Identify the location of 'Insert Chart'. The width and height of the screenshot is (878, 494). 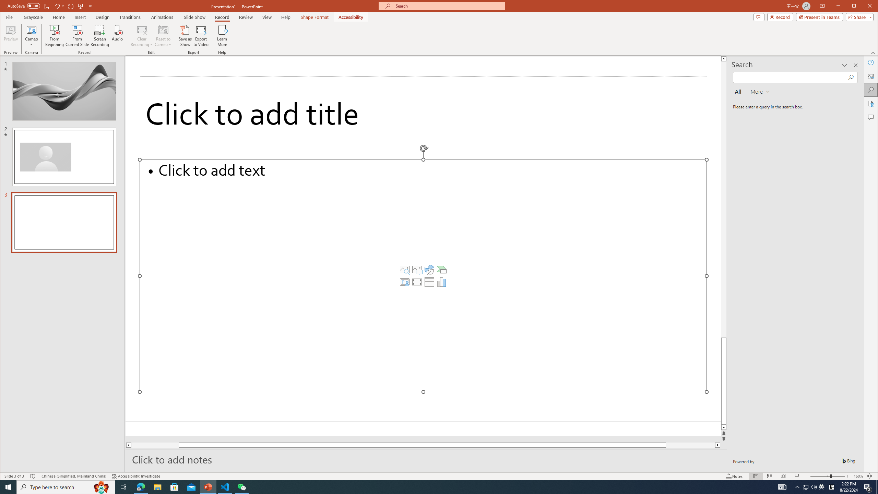
(441, 282).